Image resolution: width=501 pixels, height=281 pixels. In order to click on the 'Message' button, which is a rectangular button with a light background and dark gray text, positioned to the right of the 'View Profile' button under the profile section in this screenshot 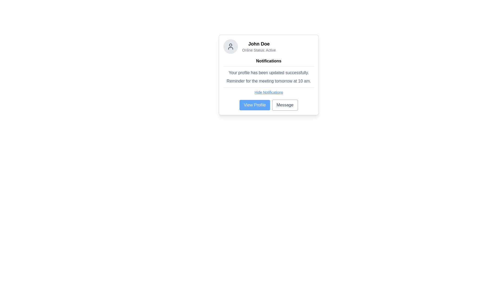, I will do `click(285, 105)`.